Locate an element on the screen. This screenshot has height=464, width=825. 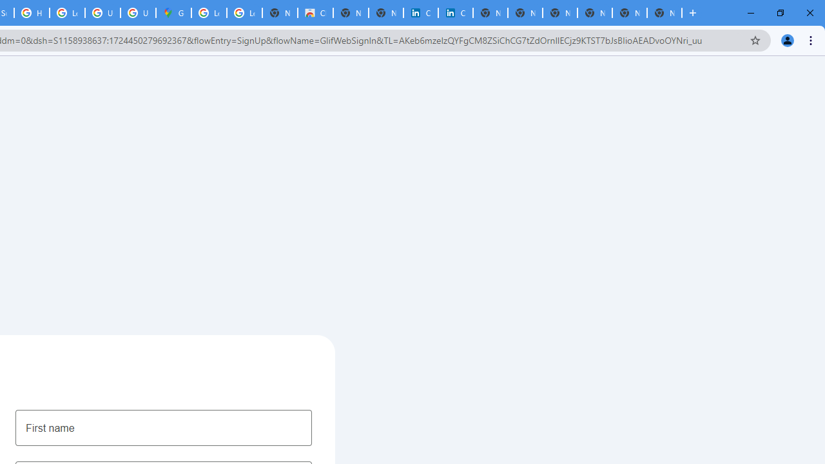
'Chrome Web Store' is located at coordinates (315, 13).